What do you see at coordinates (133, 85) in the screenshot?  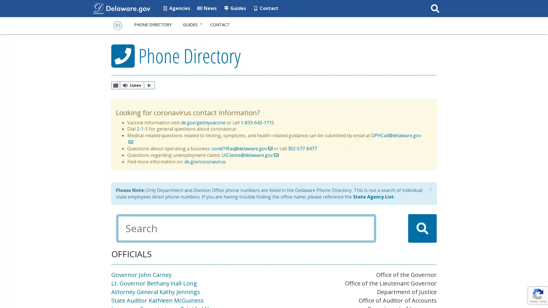 I see `ReadSpeaker webReader: Listen with webReader` at bounding box center [133, 85].